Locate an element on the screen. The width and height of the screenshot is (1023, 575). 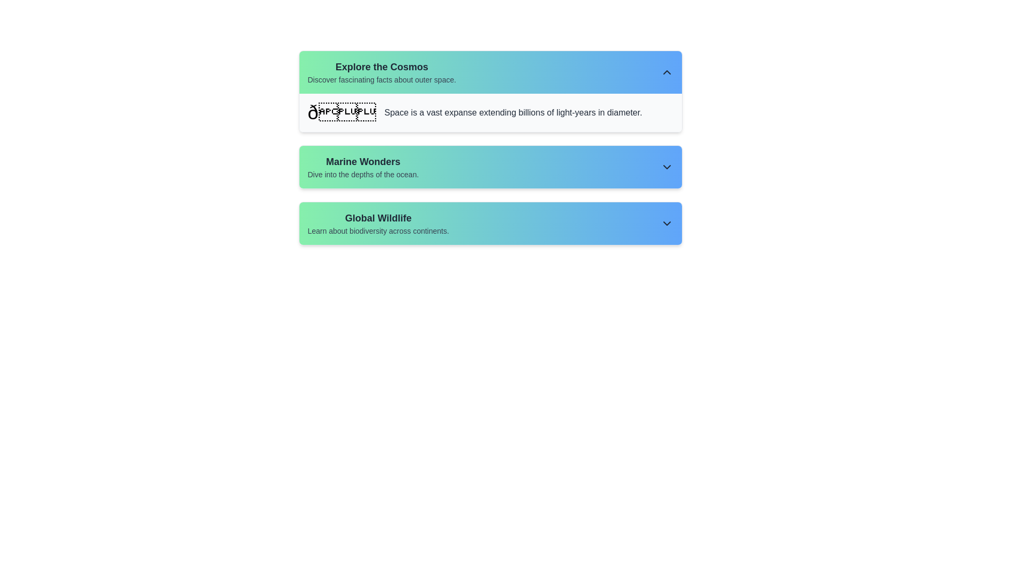
the decorative emoji or icon located at the leftmost side of the 'Explore the Cosmos' segment, preceding the descriptive text about space is located at coordinates (342, 113).